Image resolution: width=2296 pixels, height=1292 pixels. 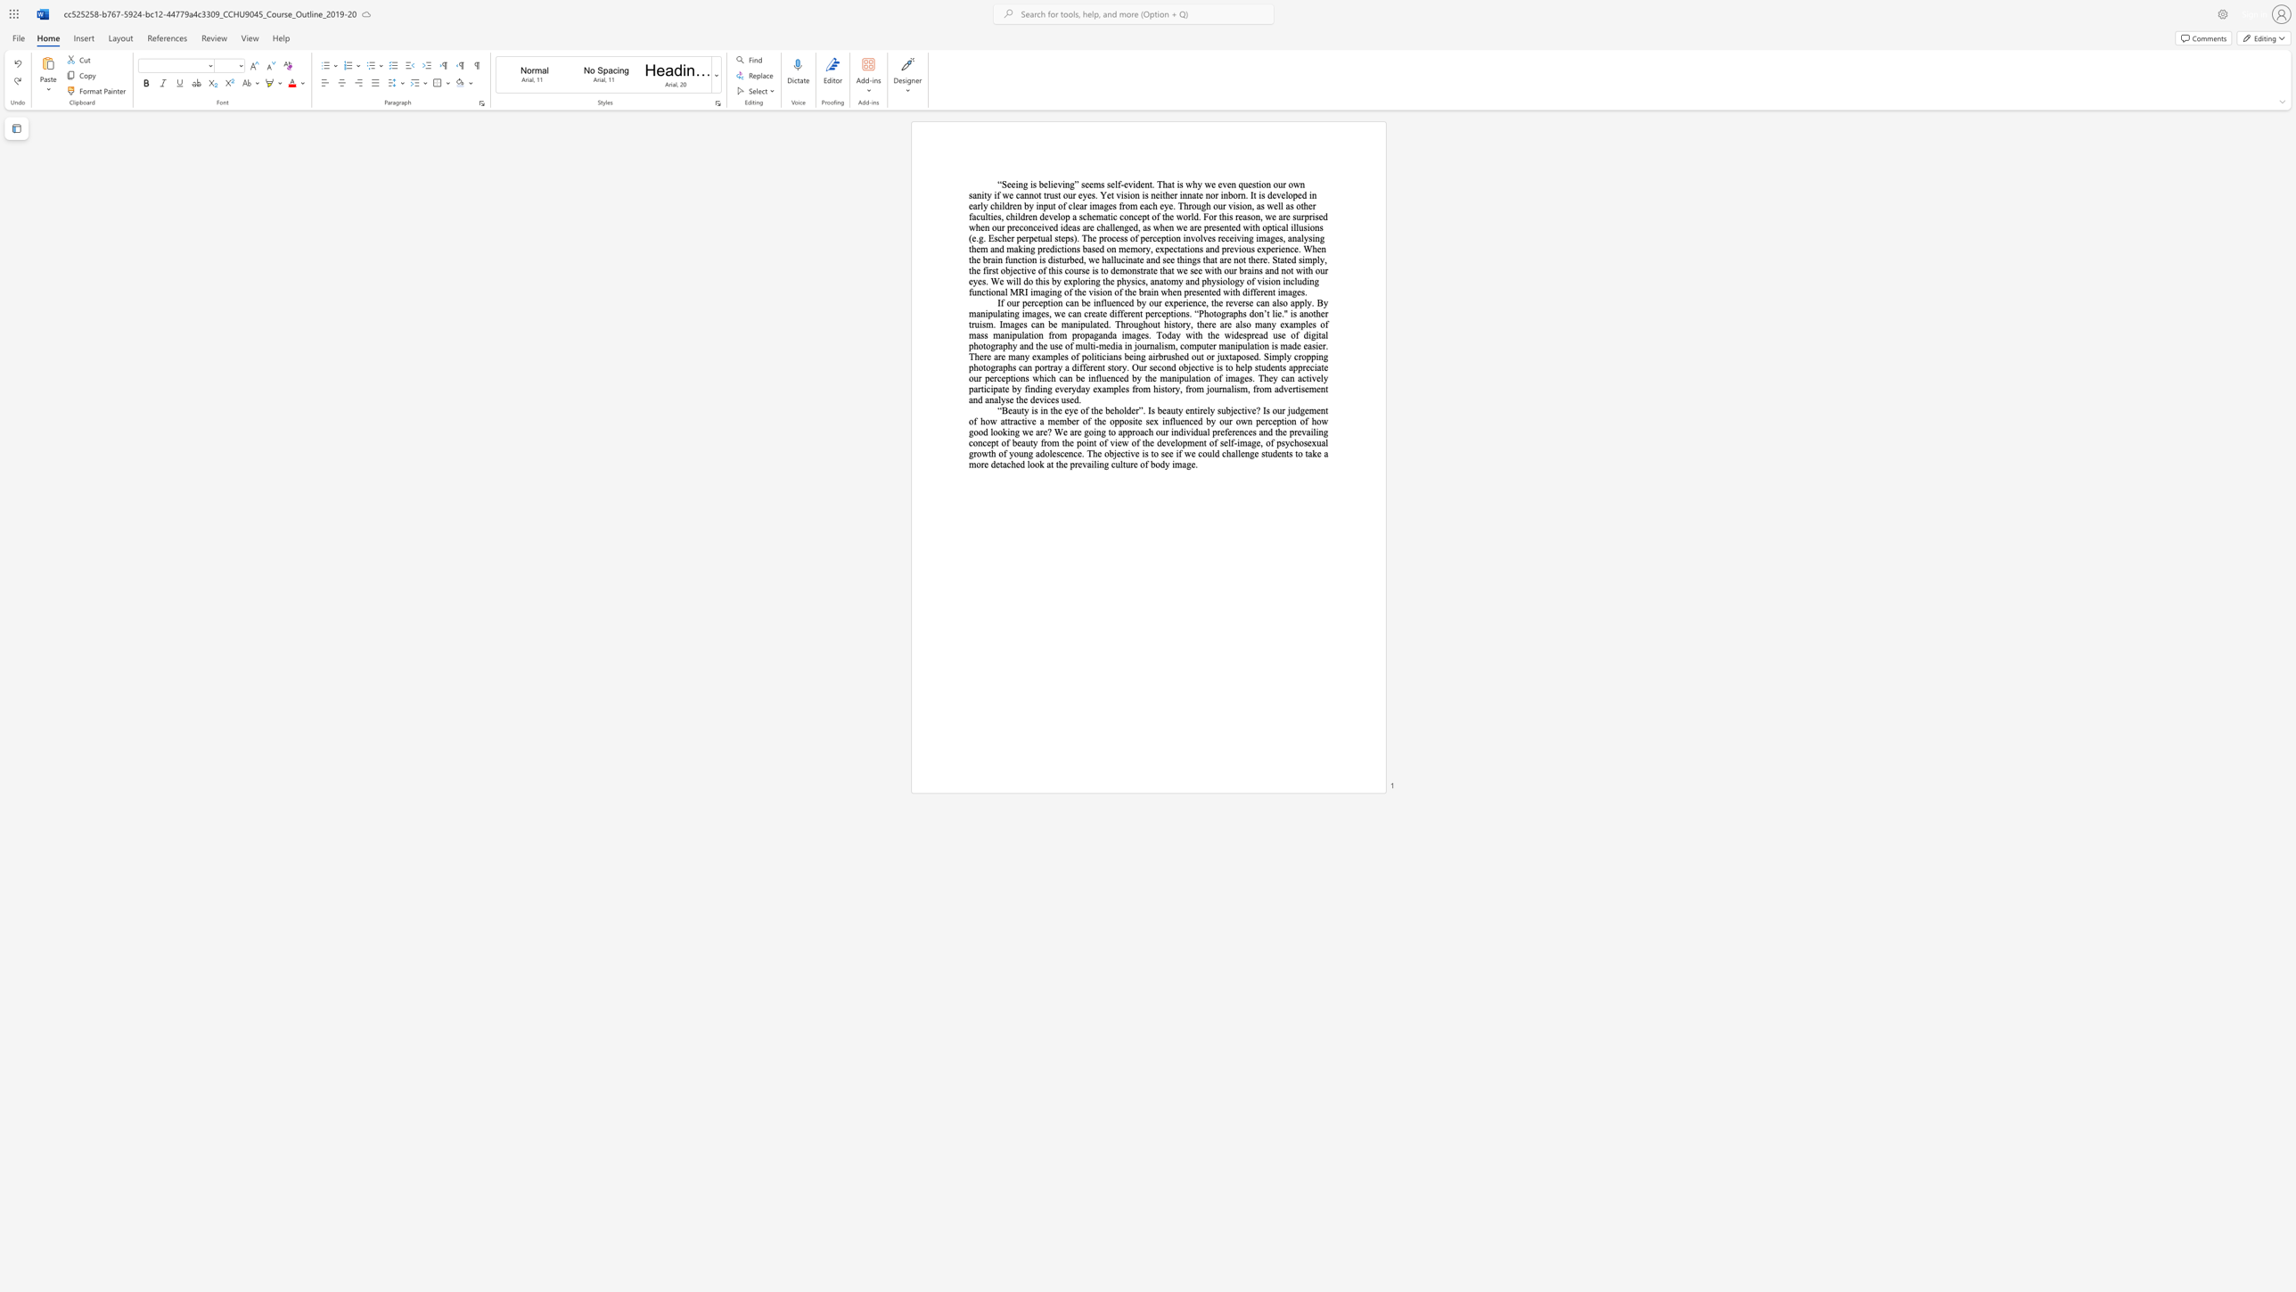 I want to click on the space between the continuous character "p" and "u" in the text, so click(x=1184, y=377).